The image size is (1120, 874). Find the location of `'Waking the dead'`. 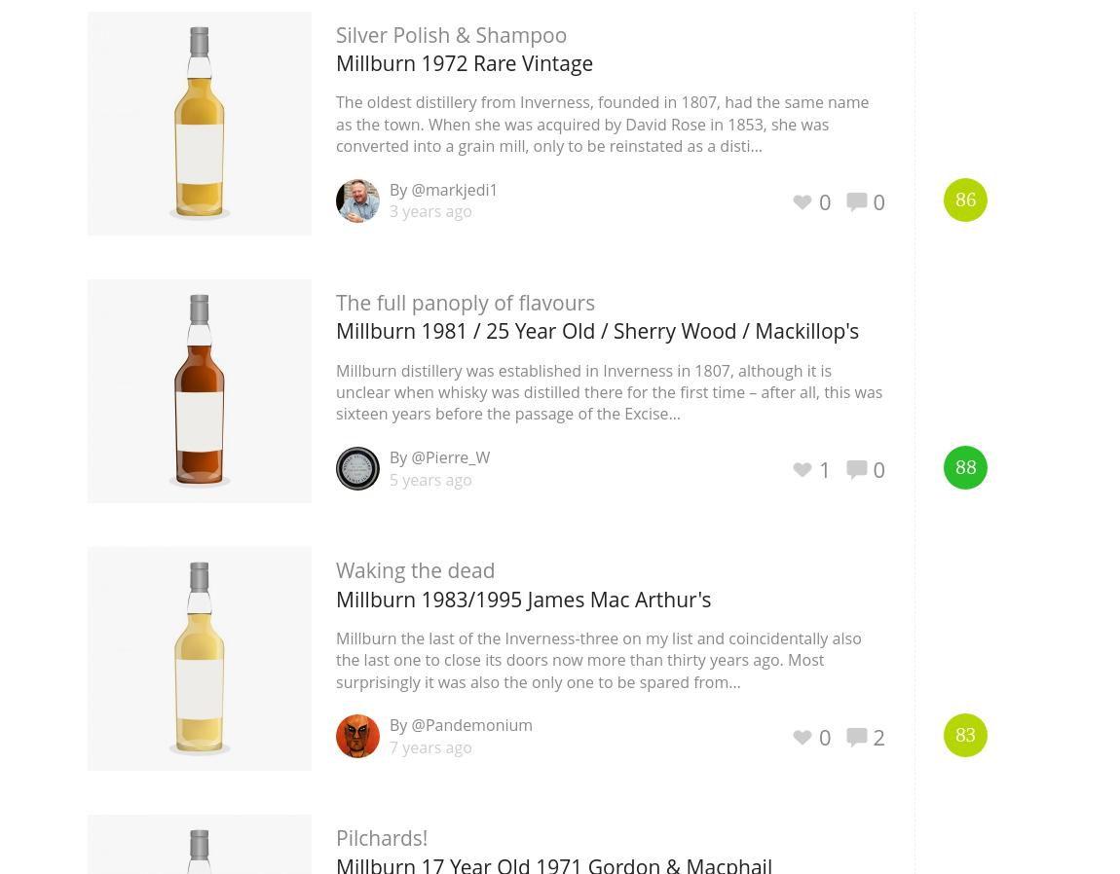

'Waking the dead' is located at coordinates (415, 569).